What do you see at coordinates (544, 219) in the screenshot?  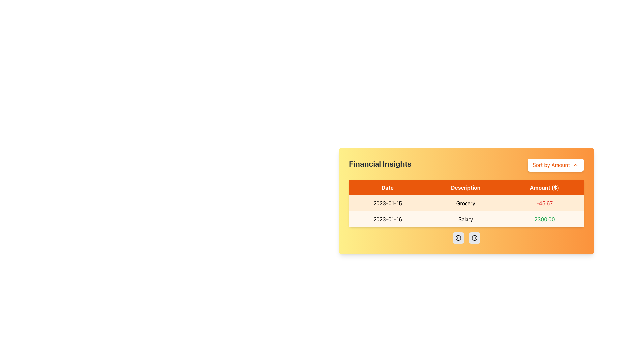 I see `the text label representing the amount in the financial table located in the third column of the second row under the 'Amount ($)' header` at bounding box center [544, 219].